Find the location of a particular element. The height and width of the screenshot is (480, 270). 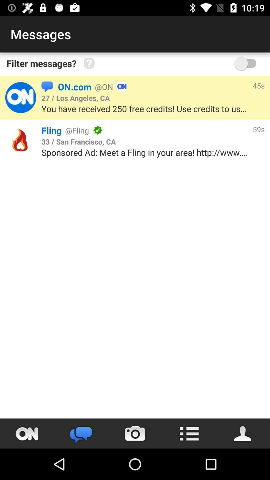

filter messages is located at coordinates (248, 63).